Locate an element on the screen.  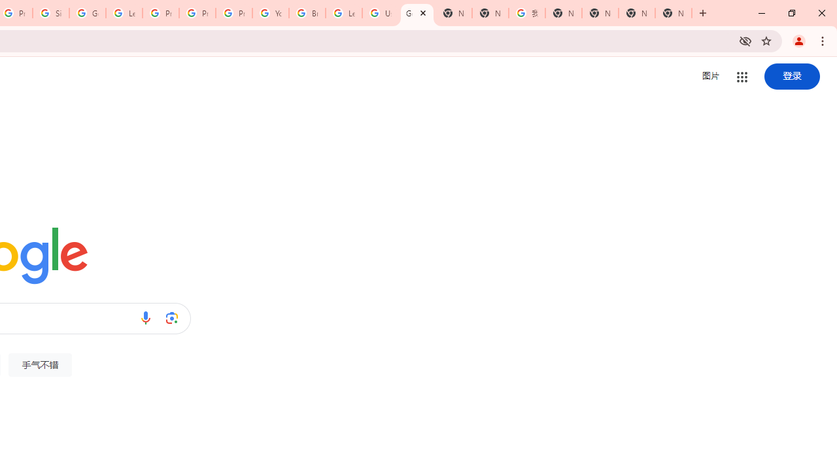
'Sign in - Google Accounts' is located at coordinates (51, 13).